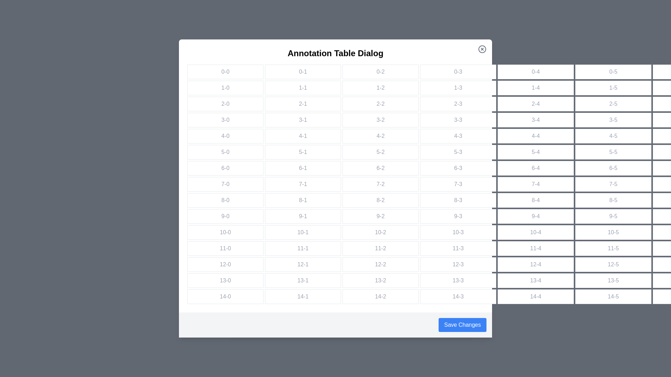 The image size is (671, 377). Describe the element at coordinates (462, 325) in the screenshot. I see `the 'Save Changes' button to save the changes` at that location.